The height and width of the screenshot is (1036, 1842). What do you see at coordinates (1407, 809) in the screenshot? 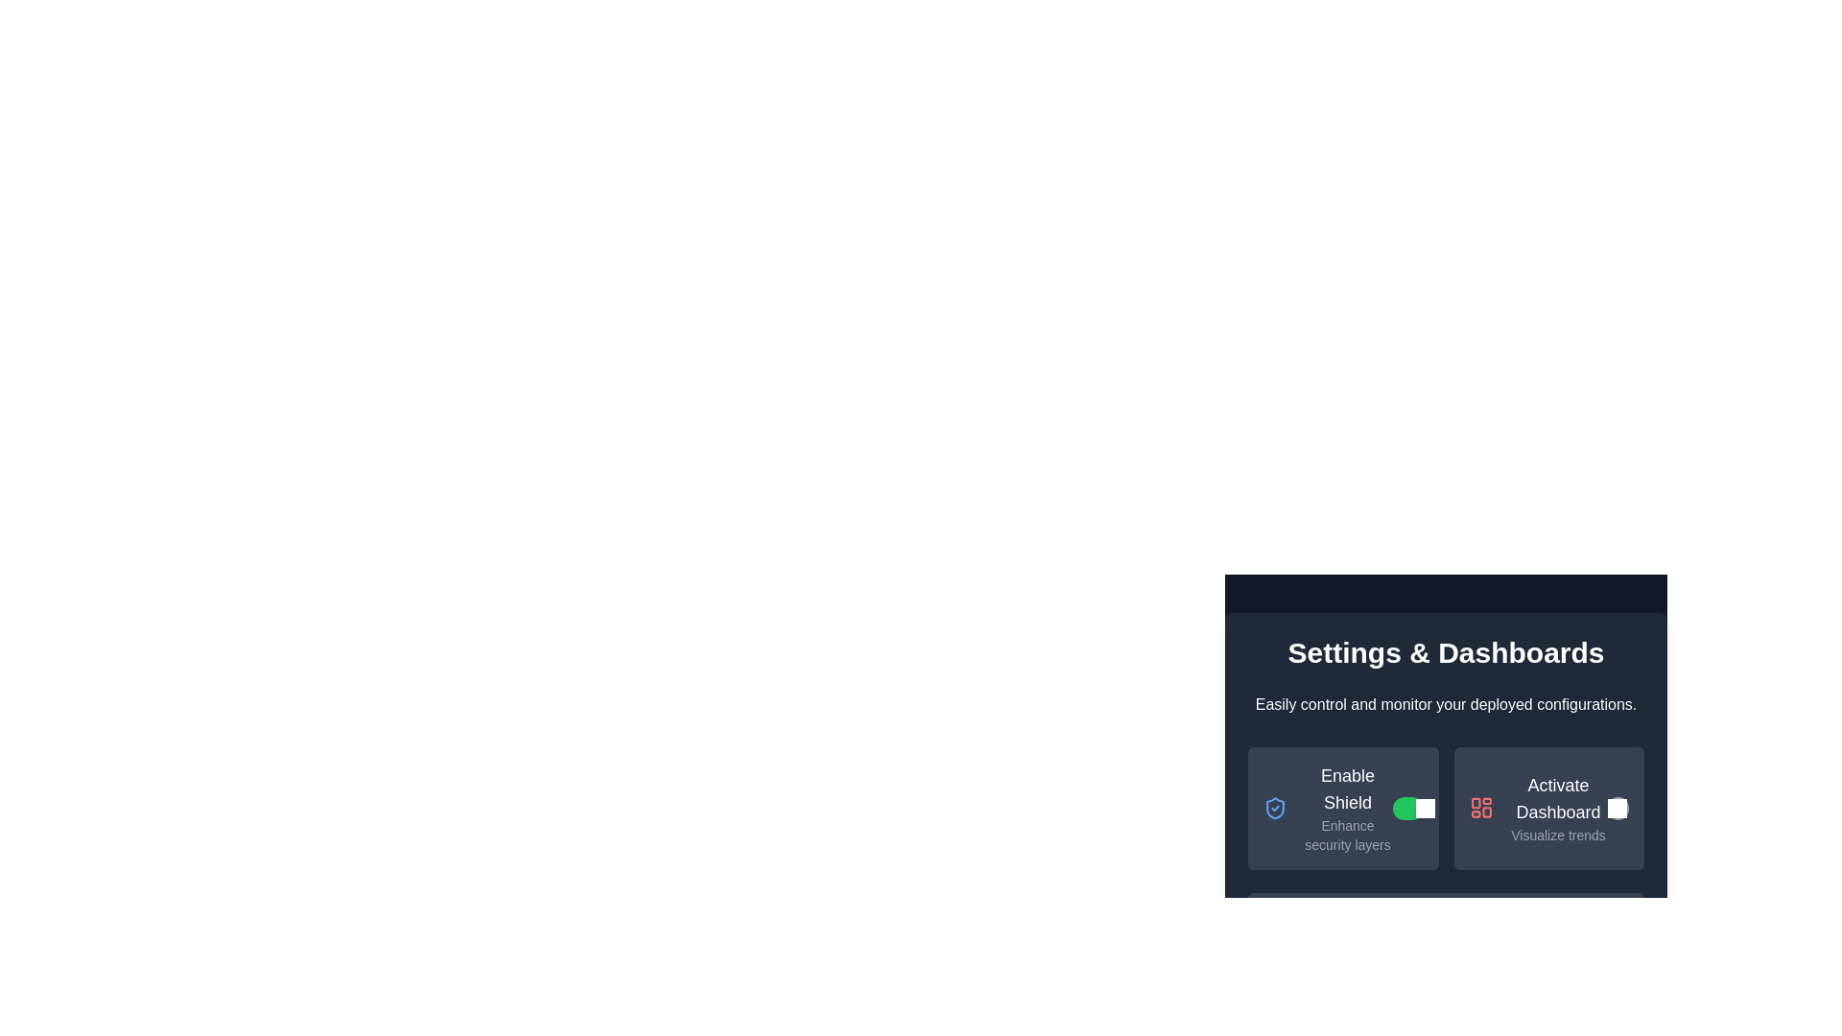
I see `the toggle switch located to the right of the 'Enable Shield' text` at bounding box center [1407, 809].